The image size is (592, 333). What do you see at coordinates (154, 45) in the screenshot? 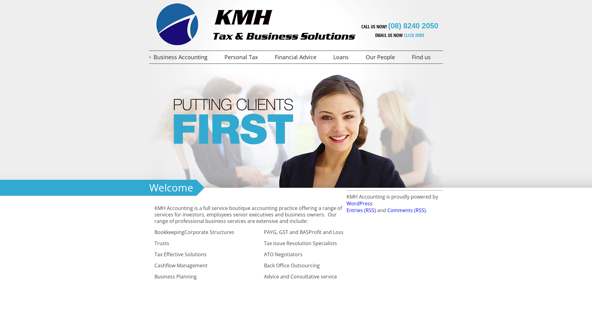
I see `'KMH Accounting'` at bounding box center [154, 45].